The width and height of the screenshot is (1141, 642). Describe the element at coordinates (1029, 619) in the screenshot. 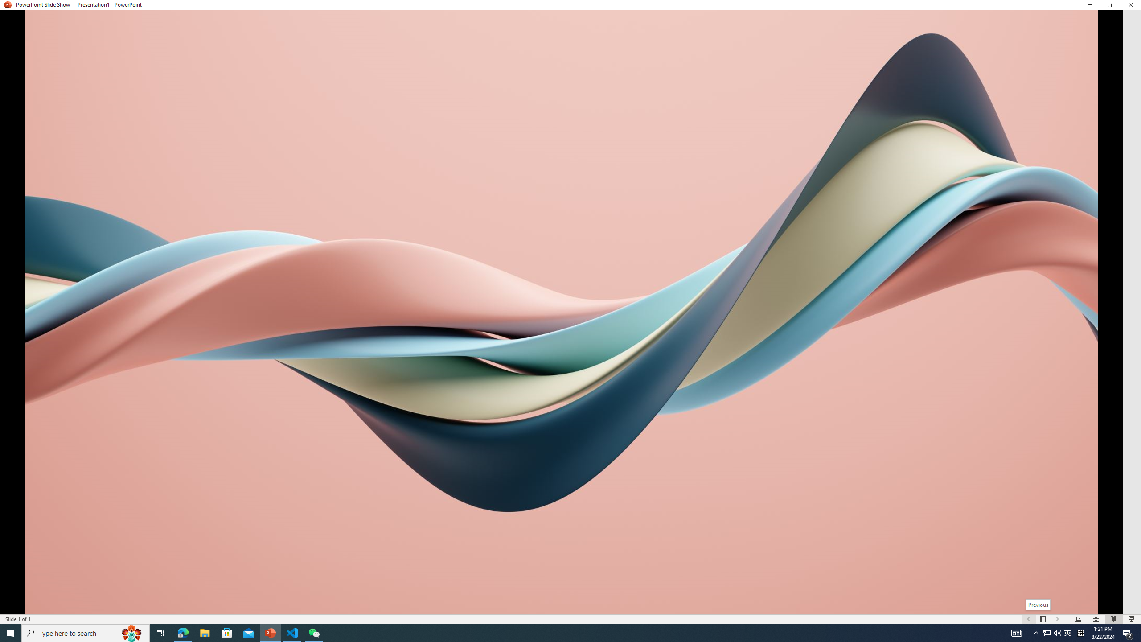

I see `'Slide Show Previous On'` at that location.